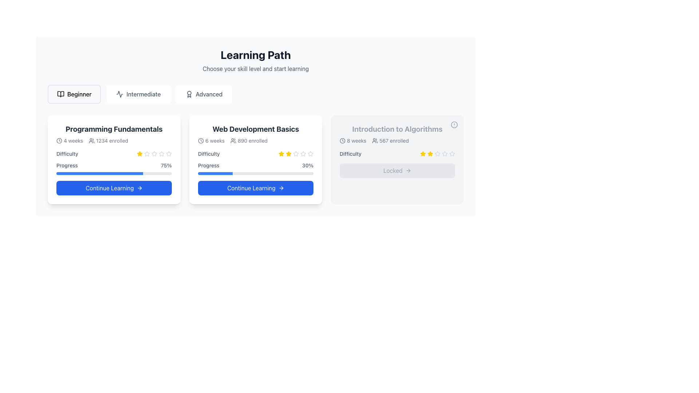 This screenshot has width=699, height=393. I want to click on the displayed progress data for the 'Progress' label indicating '30%' within the card titled 'Web Development Basics', so click(256, 166).